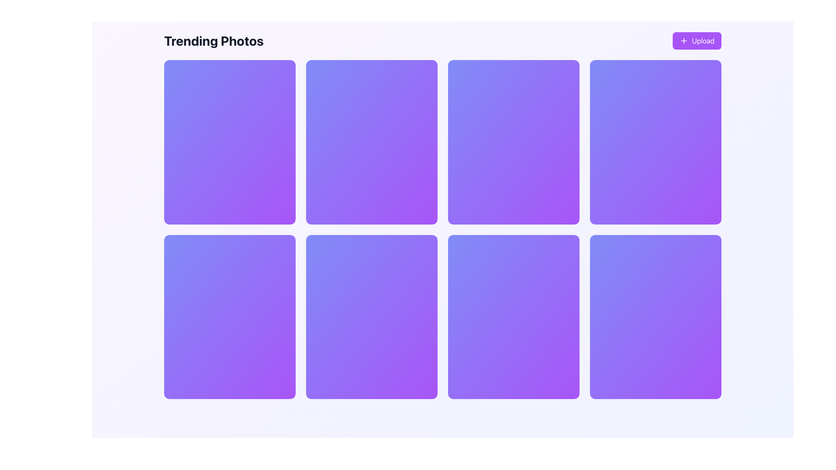 The image size is (836, 470). I want to click on the action button located within the top-right corner of the bottom-right card in the grid layout, so click(689, 248).